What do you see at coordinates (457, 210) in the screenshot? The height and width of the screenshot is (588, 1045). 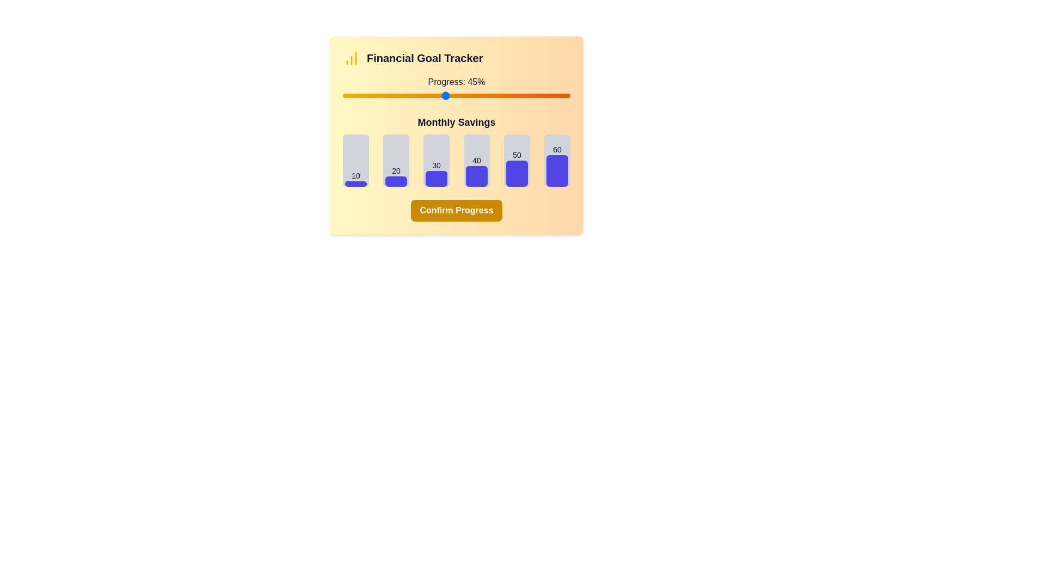 I see `'Confirm Progress' button to confirm the current progress` at bounding box center [457, 210].